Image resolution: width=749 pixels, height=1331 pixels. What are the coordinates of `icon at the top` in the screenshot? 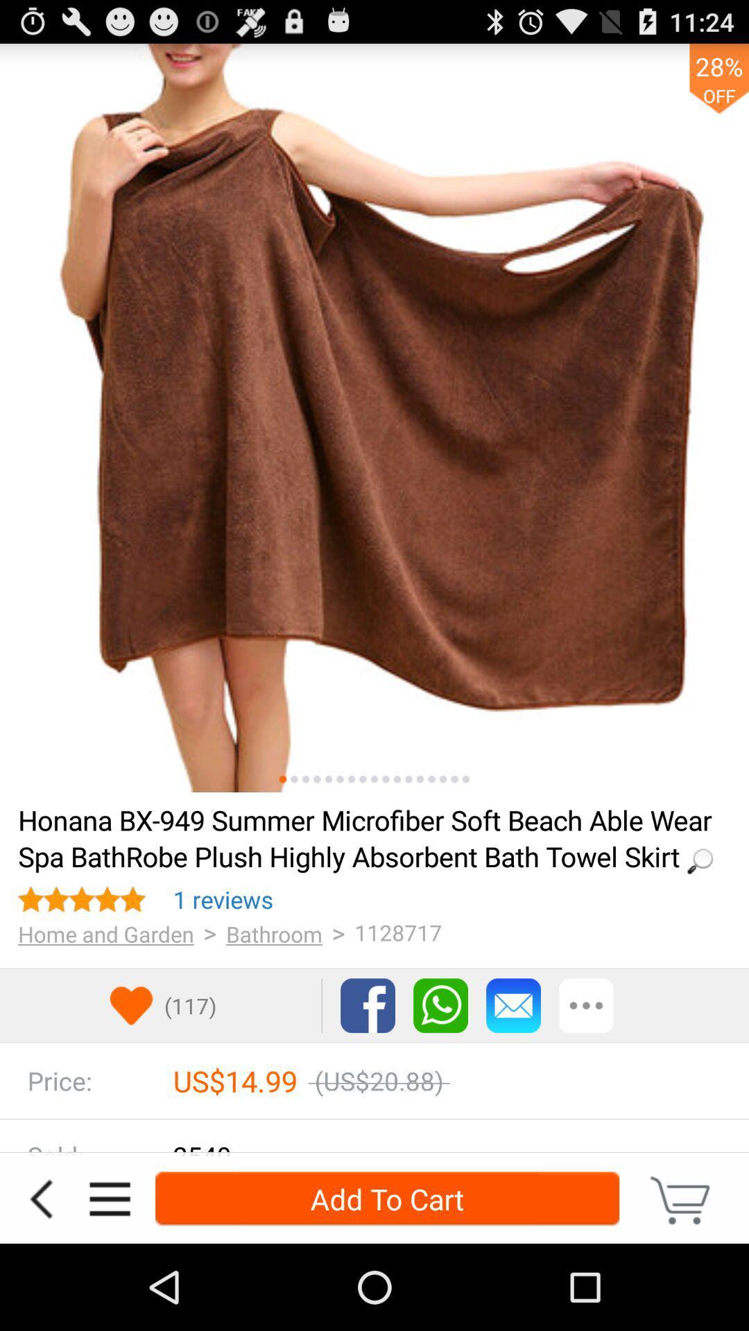 It's located at (374, 417).